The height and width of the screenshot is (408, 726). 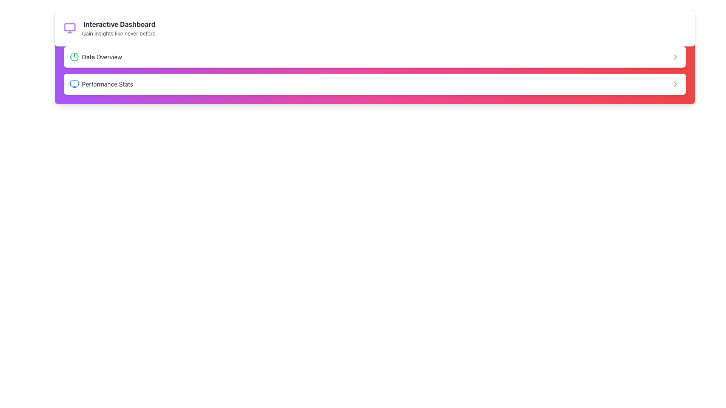 What do you see at coordinates (70, 28) in the screenshot?
I see `the visual indicator icon located in the top-left portion of the interface, before the title text 'Interactive Dashboard'` at bounding box center [70, 28].